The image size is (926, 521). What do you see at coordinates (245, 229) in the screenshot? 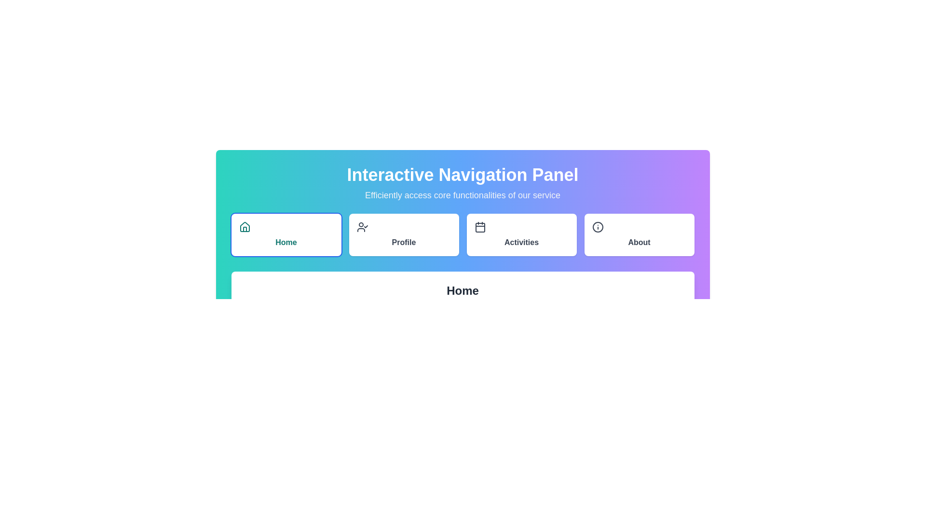
I see `the house icon located at the center of the 'Home' button in the navigation panel, which features a minimalist design with a rectangular base and pointed roof` at bounding box center [245, 229].